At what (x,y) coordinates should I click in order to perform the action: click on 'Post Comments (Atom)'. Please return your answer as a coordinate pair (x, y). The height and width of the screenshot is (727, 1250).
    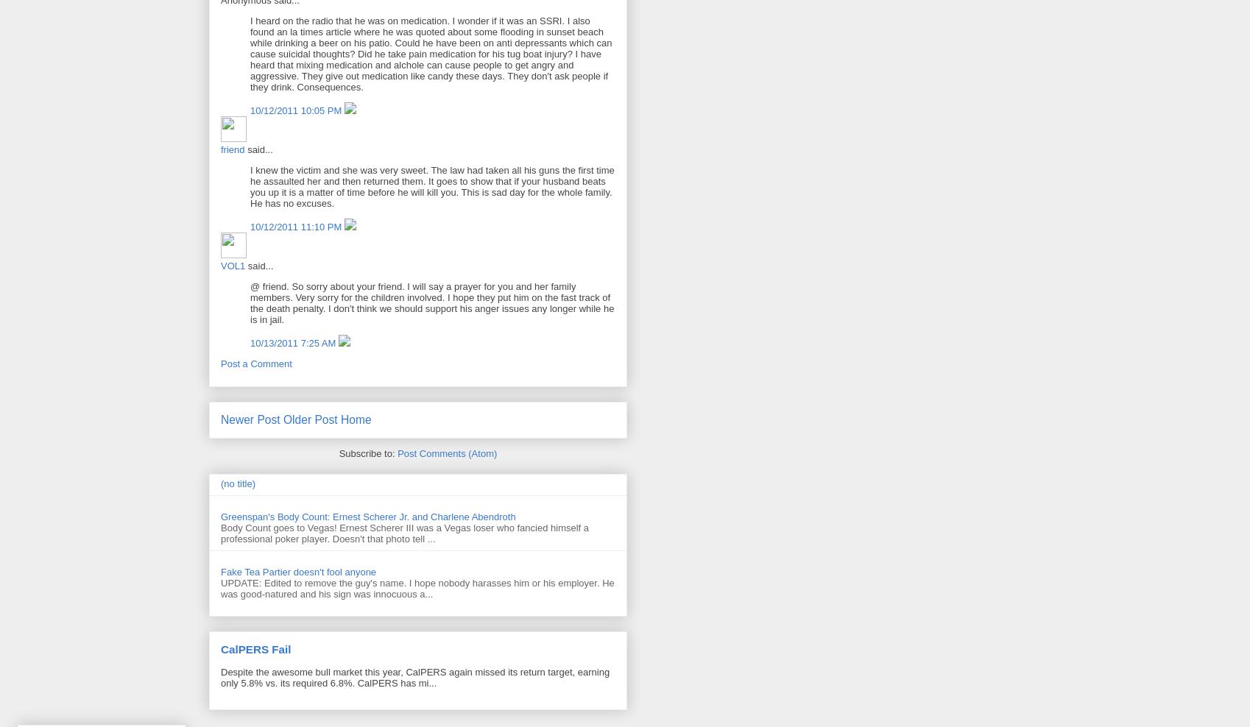
    Looking at the image, I should click on (446, 453).